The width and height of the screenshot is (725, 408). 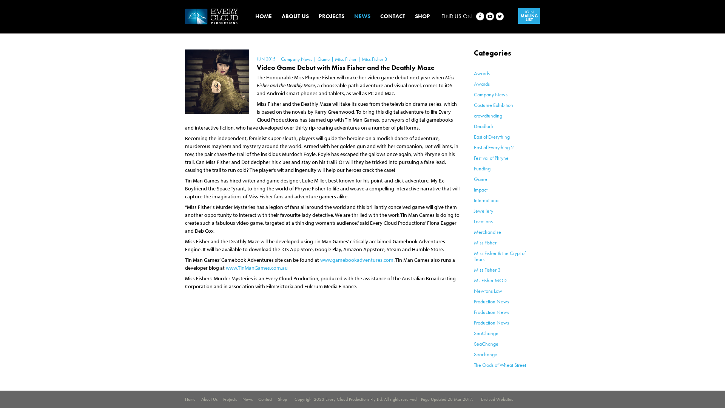 I want to click on 'Newtons Law', so click(x=473, y=291).